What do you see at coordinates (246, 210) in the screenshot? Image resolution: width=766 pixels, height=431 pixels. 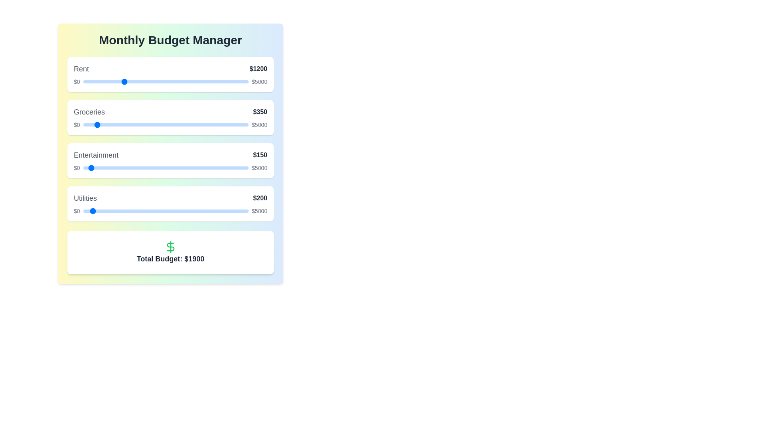 I see `the 'Utilities' slider` at bounding box center [246, 210].